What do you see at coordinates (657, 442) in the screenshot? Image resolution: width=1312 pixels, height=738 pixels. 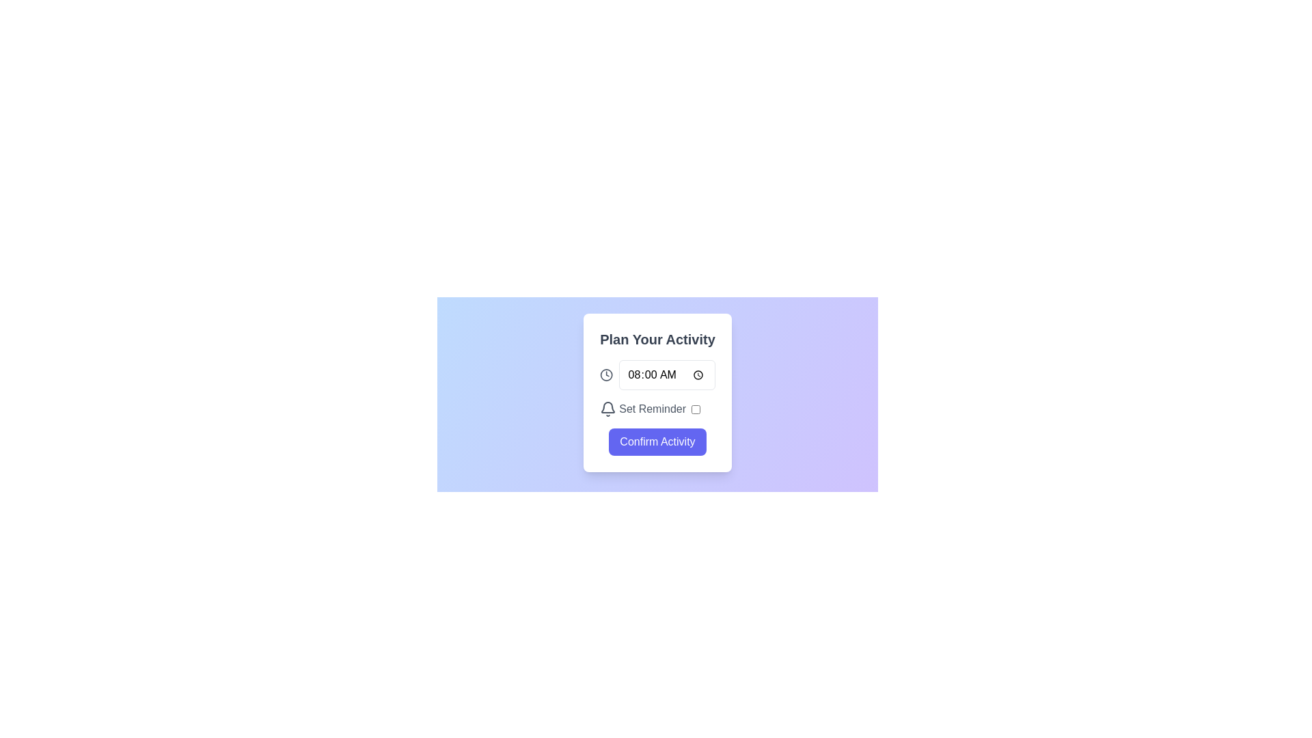 I see `the confirmation button located at the bottom center of the card, beneath the 'Set Reminder' checkbox` at bounding box center [657, 442].